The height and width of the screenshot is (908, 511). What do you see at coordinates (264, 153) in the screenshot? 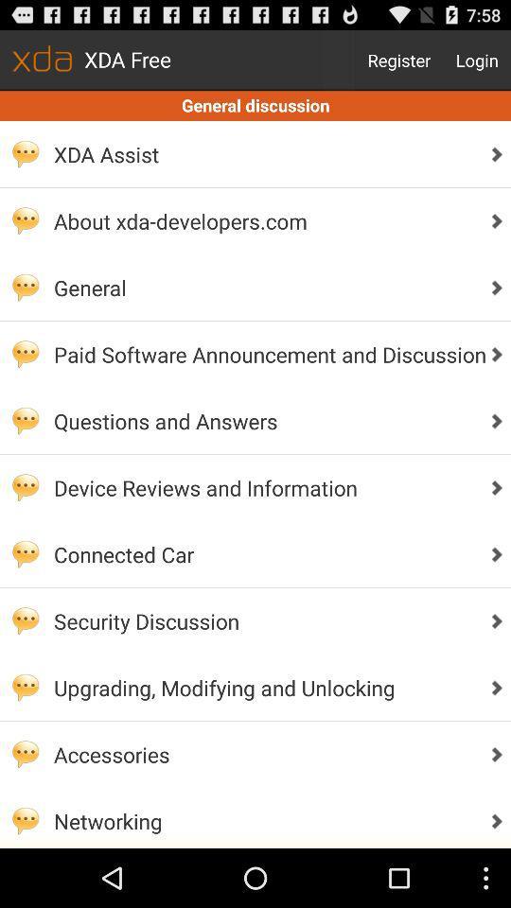
I see `the xda assist icon` at bounding box center [264, 153].